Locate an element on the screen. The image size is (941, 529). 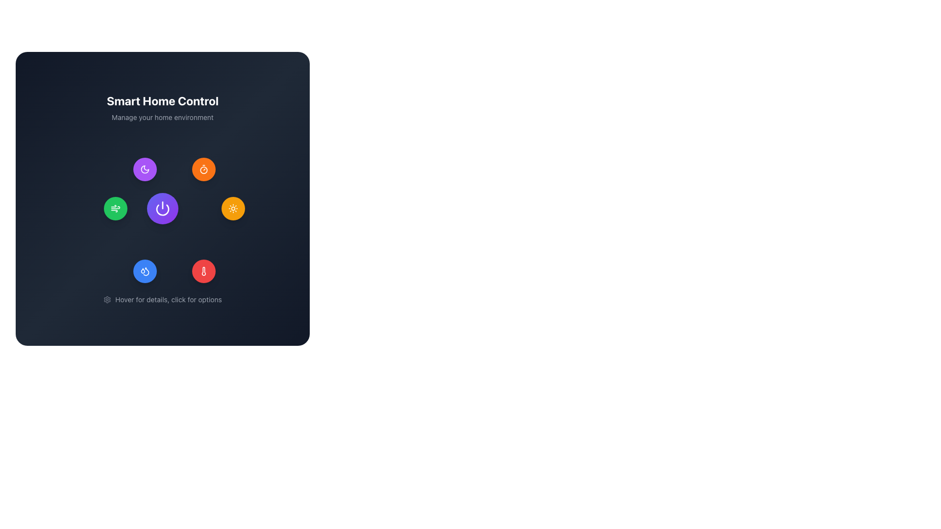
the blue circular button featuring an icon of two droplets is located at coordinates (145, 271).